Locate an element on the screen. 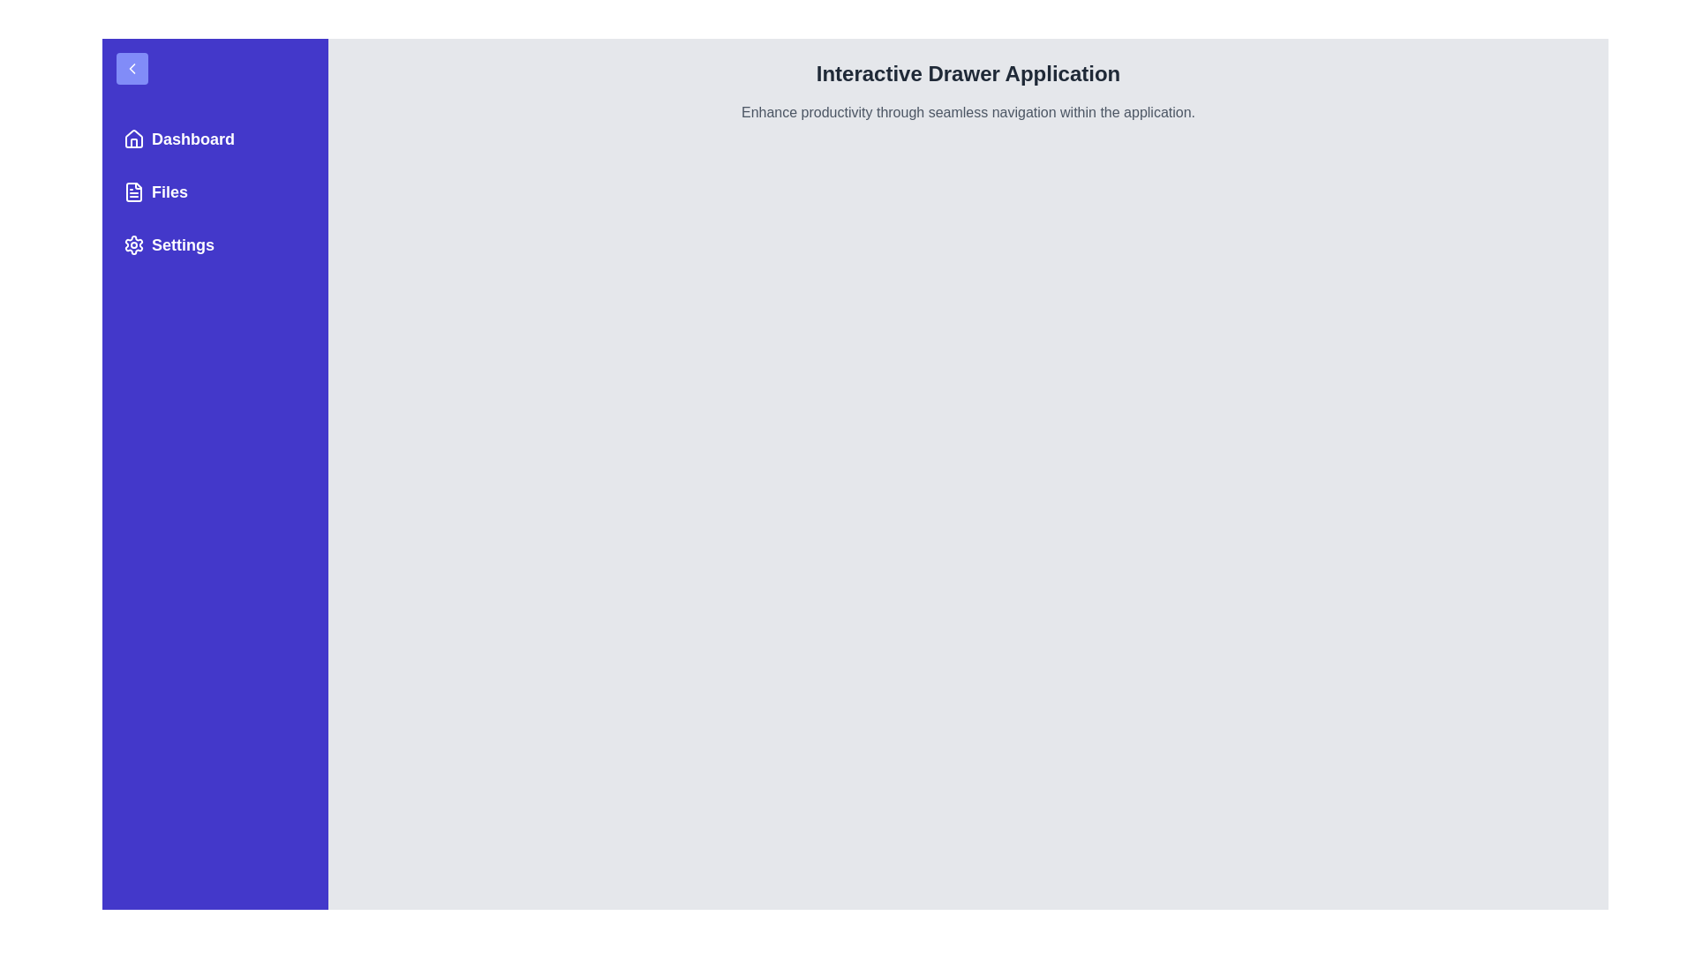 Image resolution: width=1695 pixels, height=953 pixels. the menu item labeled Settings to navigate to the corresponding section is located at coordinates (215, 244).